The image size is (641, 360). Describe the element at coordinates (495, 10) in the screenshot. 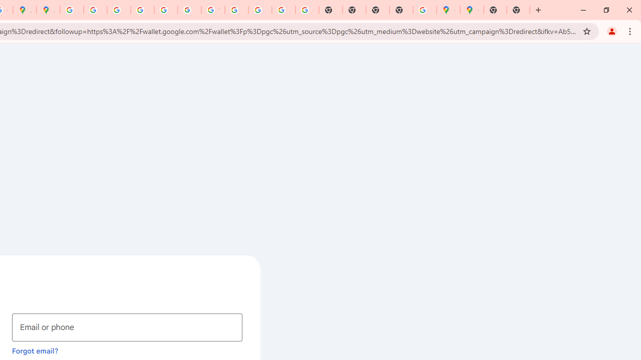

I see `'New Tab'` at that location.